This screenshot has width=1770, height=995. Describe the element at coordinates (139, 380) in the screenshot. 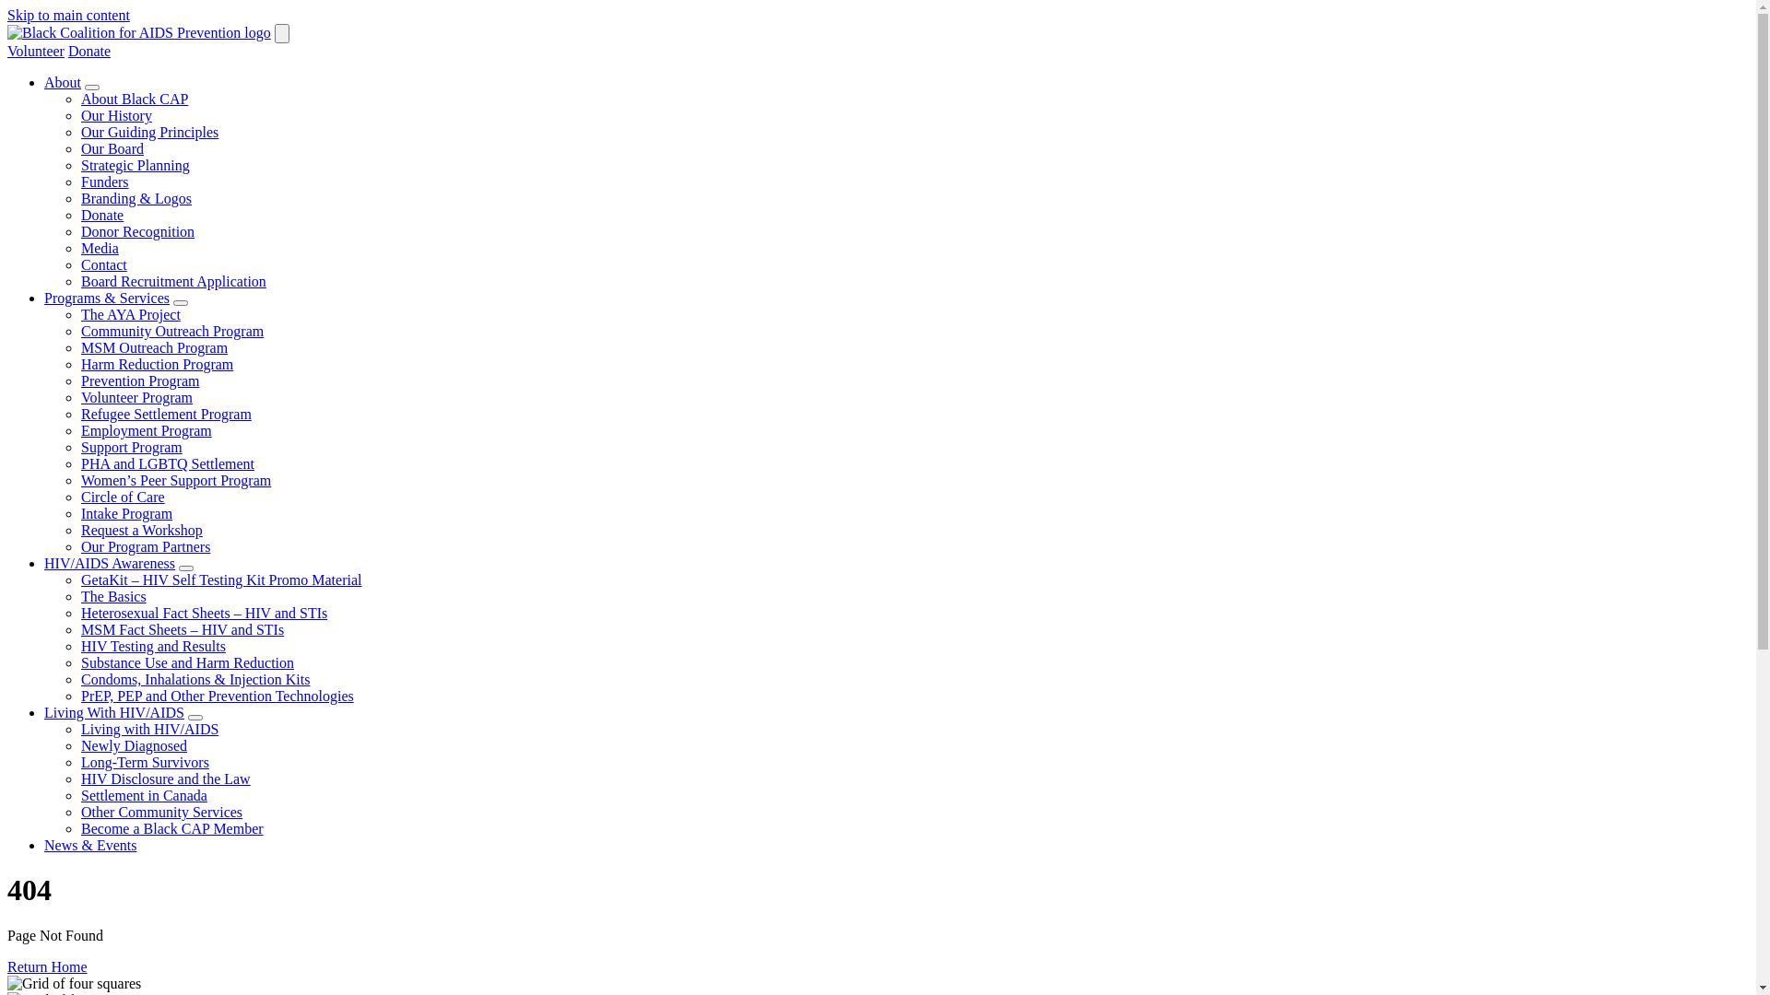

I see `'Prevention Program'` at that location.